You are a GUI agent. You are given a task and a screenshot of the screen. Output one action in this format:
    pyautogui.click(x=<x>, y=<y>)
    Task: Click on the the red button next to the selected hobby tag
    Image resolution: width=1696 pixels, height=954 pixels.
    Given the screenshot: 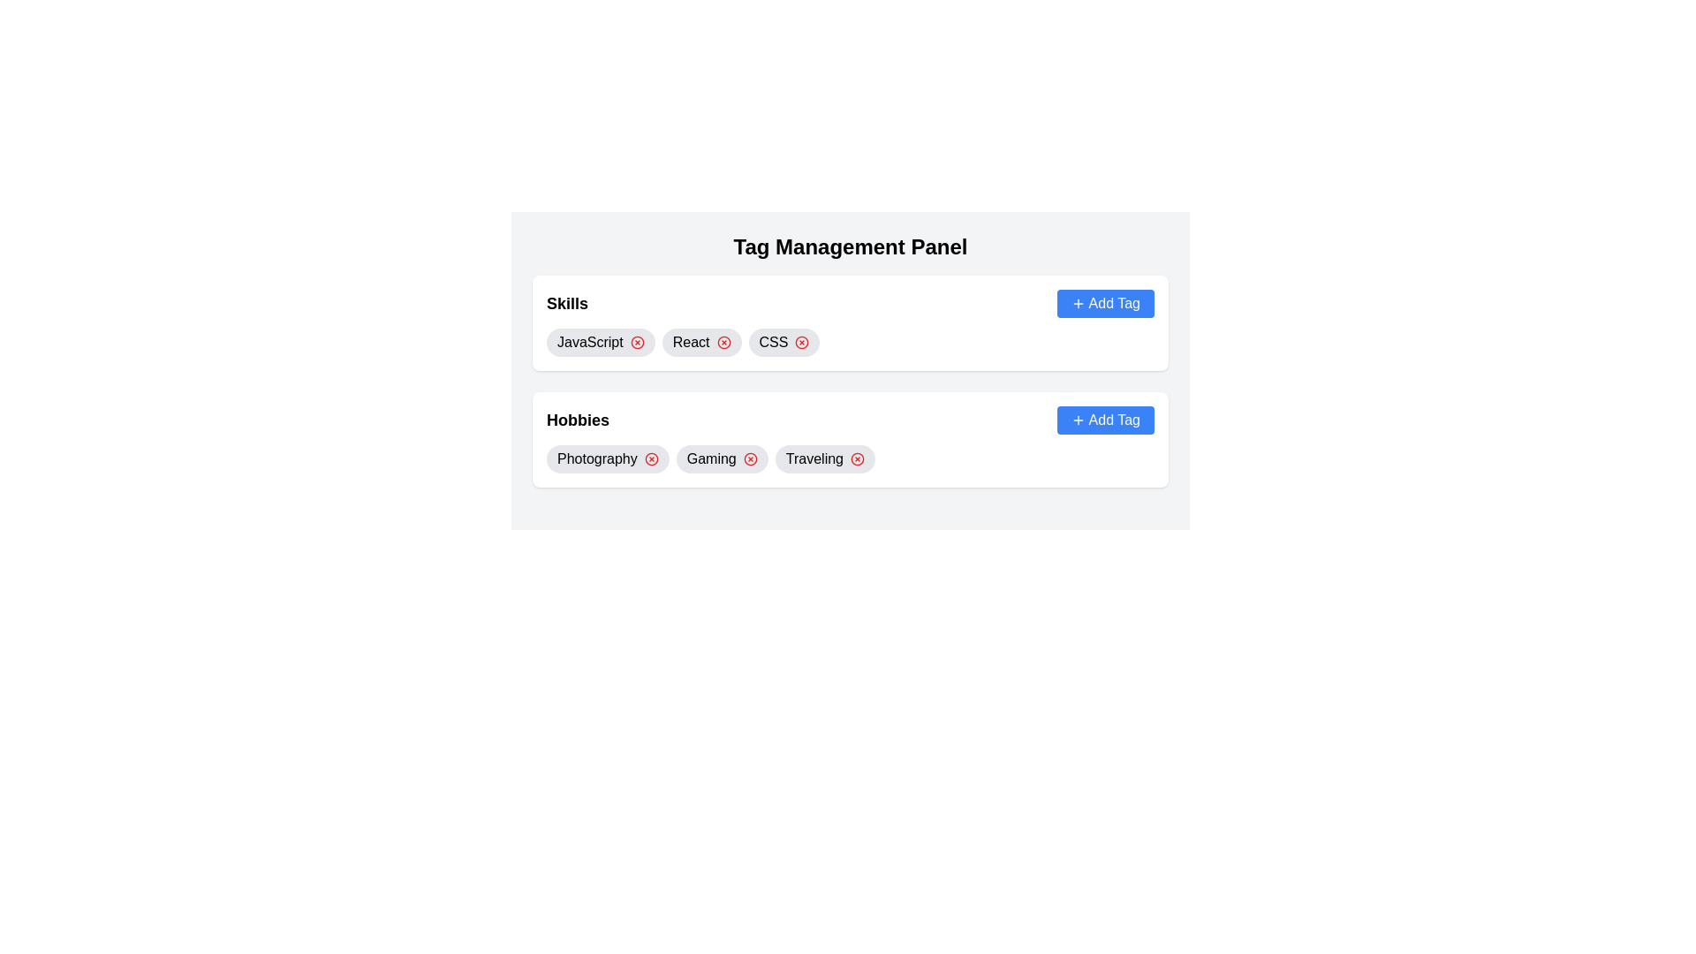 What is the action you would take?
    pyautogui.click(x=851, y=458)
    